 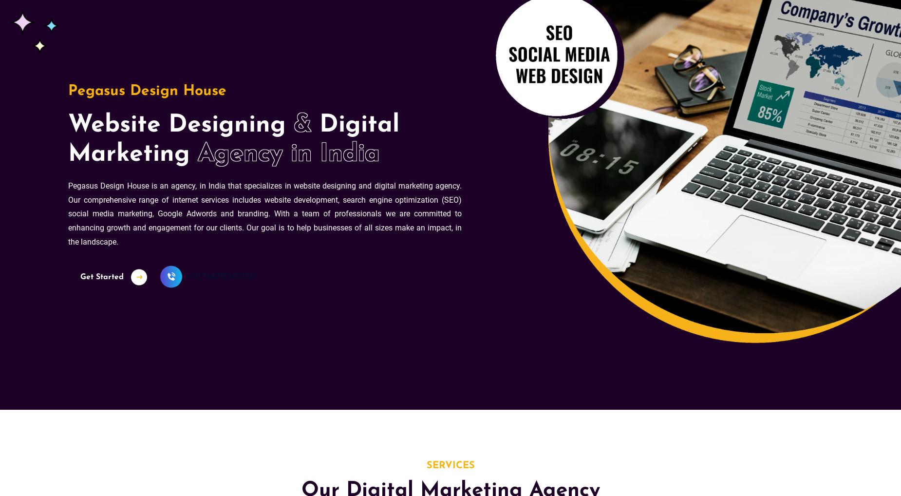 I want to click on 'Website not generating leads? Find out why!', so click(x=349, y=61).